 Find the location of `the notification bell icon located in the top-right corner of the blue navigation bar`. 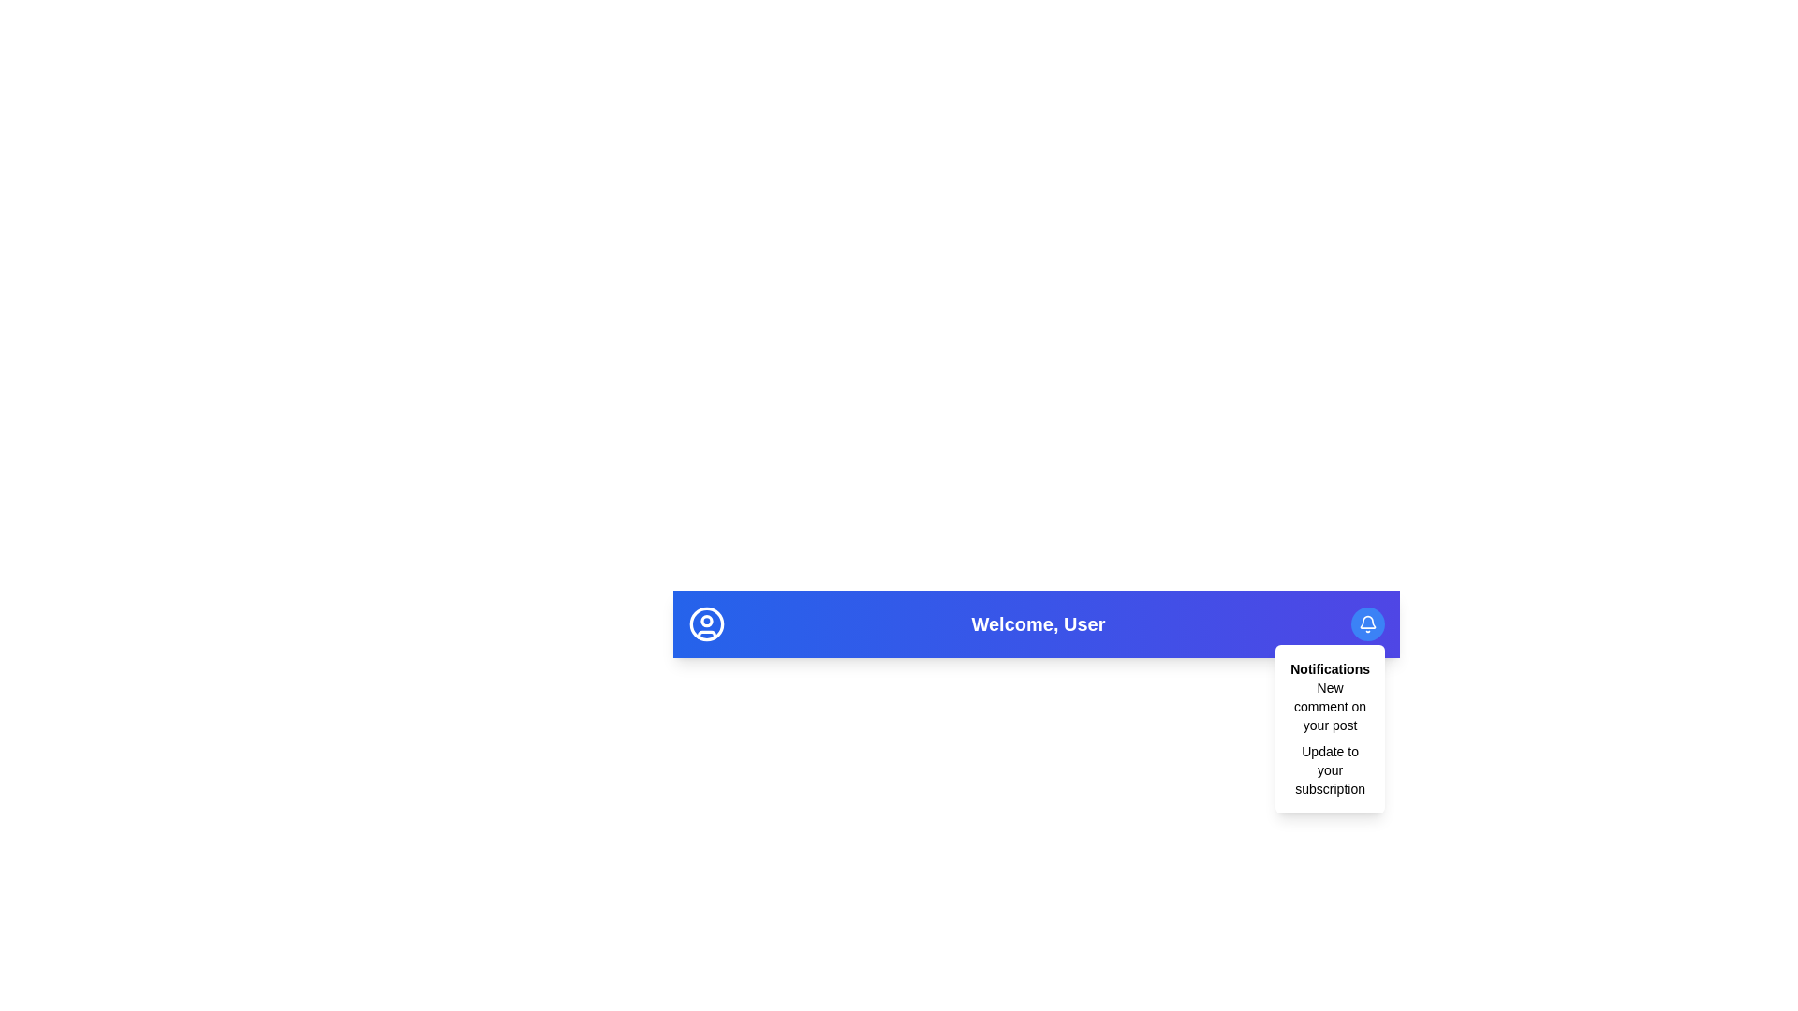

the notification bell icon located in the top-right corner of the blue navigation bar is located at coordinates (1367, 624).